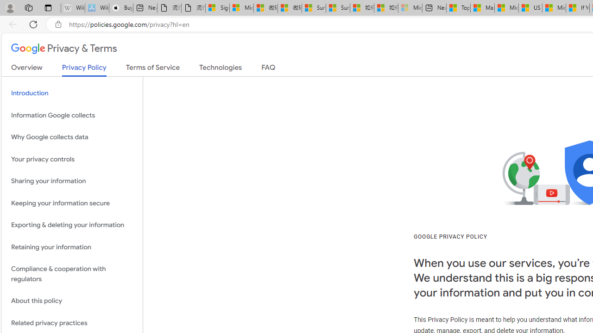  I want to click on 'Information Google collects', so click(72, 115).